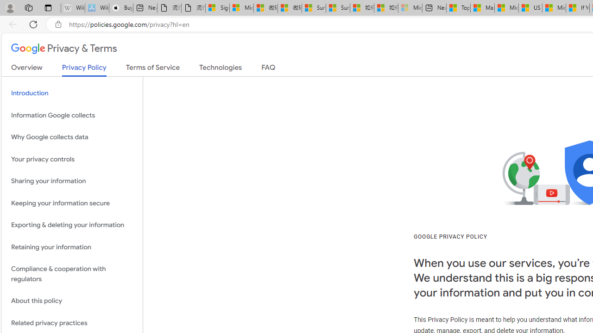  I want to click on 'Information Google collects', so click(72, 115).